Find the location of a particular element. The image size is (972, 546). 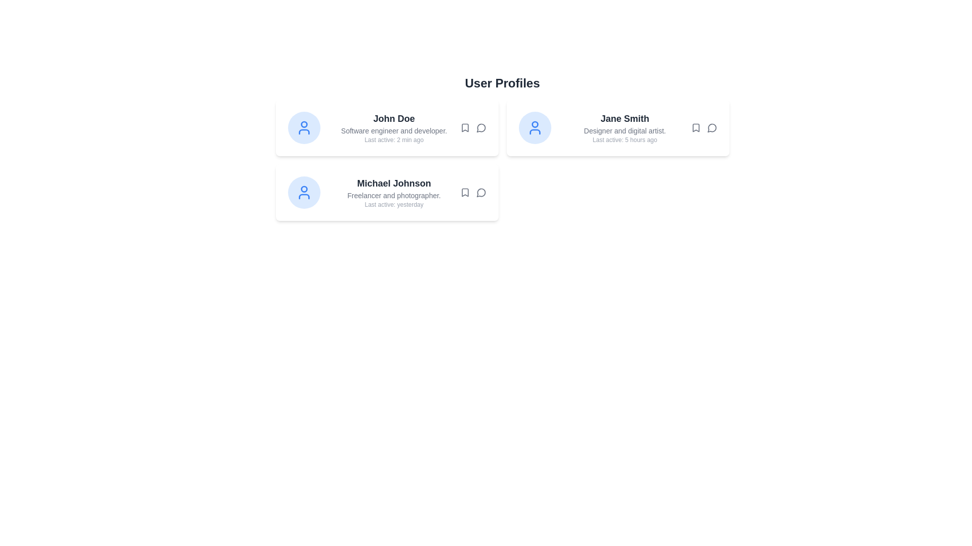

the text label that reads 'Last active: 2 min ago', which is styled in a small gray font and located beneath the person's title description in the profile card is located at coordinates (393, 140).